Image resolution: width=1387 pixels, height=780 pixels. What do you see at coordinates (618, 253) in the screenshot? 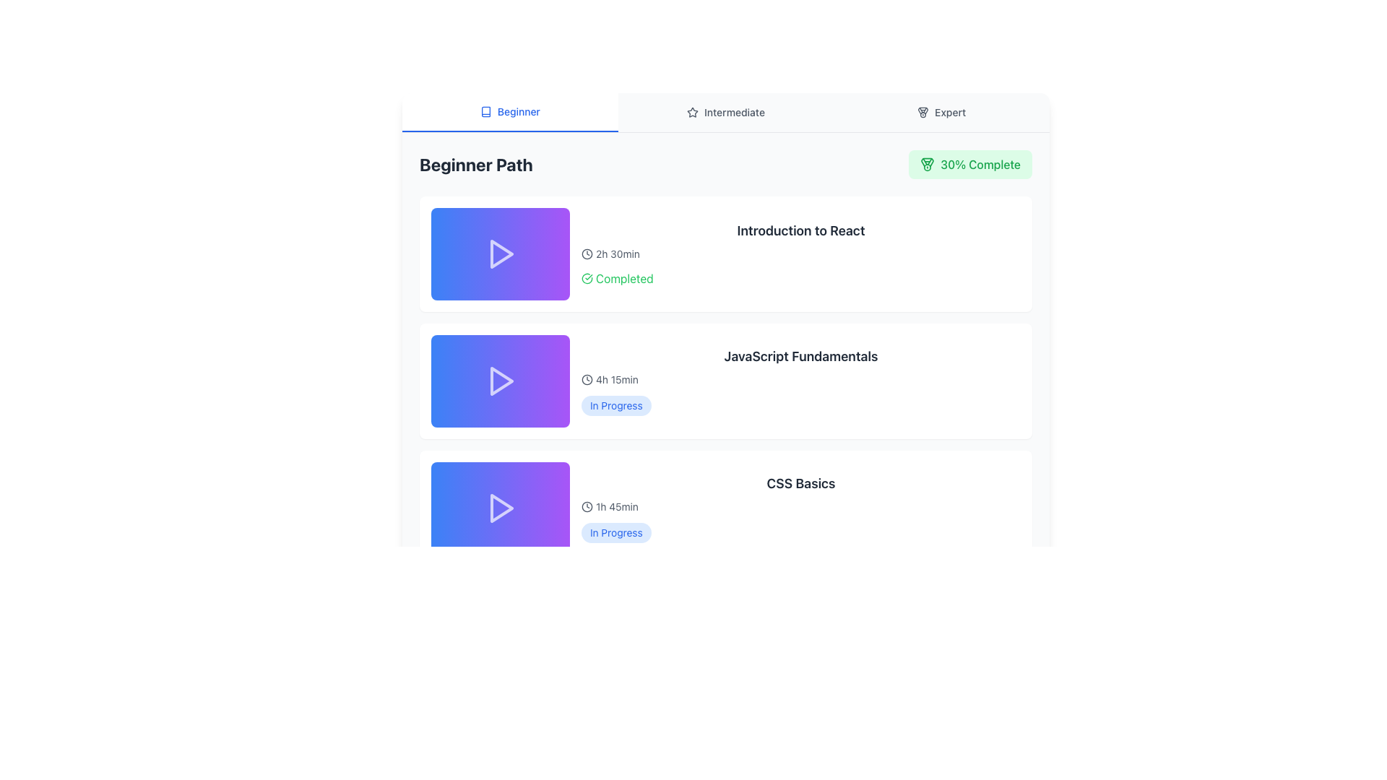
I see `the static text element indicating the duration of the course session, located to the right of the clock icon in the 'Introduction to React' course entry` at bounding box center [618, 253].